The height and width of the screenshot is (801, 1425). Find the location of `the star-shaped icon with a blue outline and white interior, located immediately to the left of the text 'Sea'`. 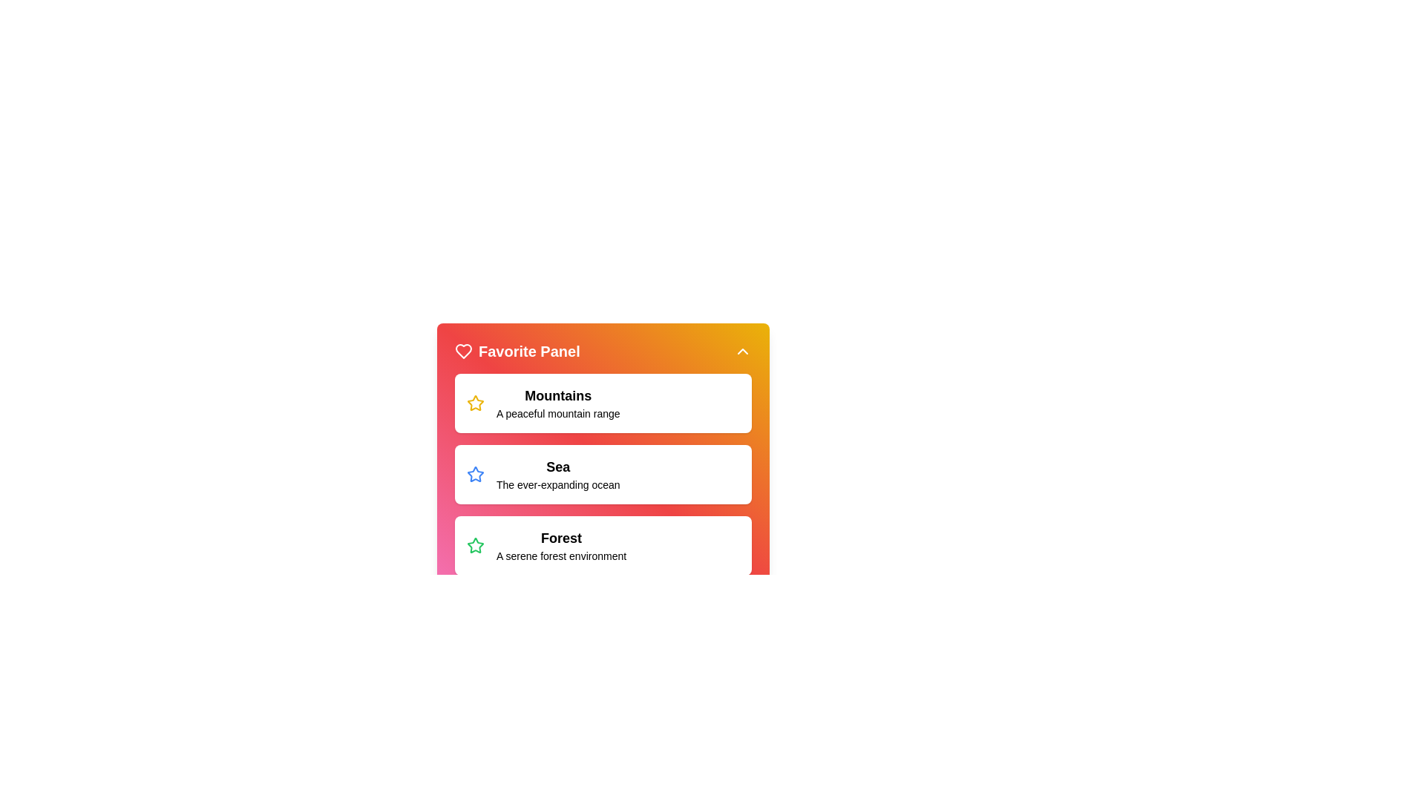

the star-shaped icon with a blue outline and white interior, located immediately to the left of the text 'Sea' is located at coordinates (476, 475).